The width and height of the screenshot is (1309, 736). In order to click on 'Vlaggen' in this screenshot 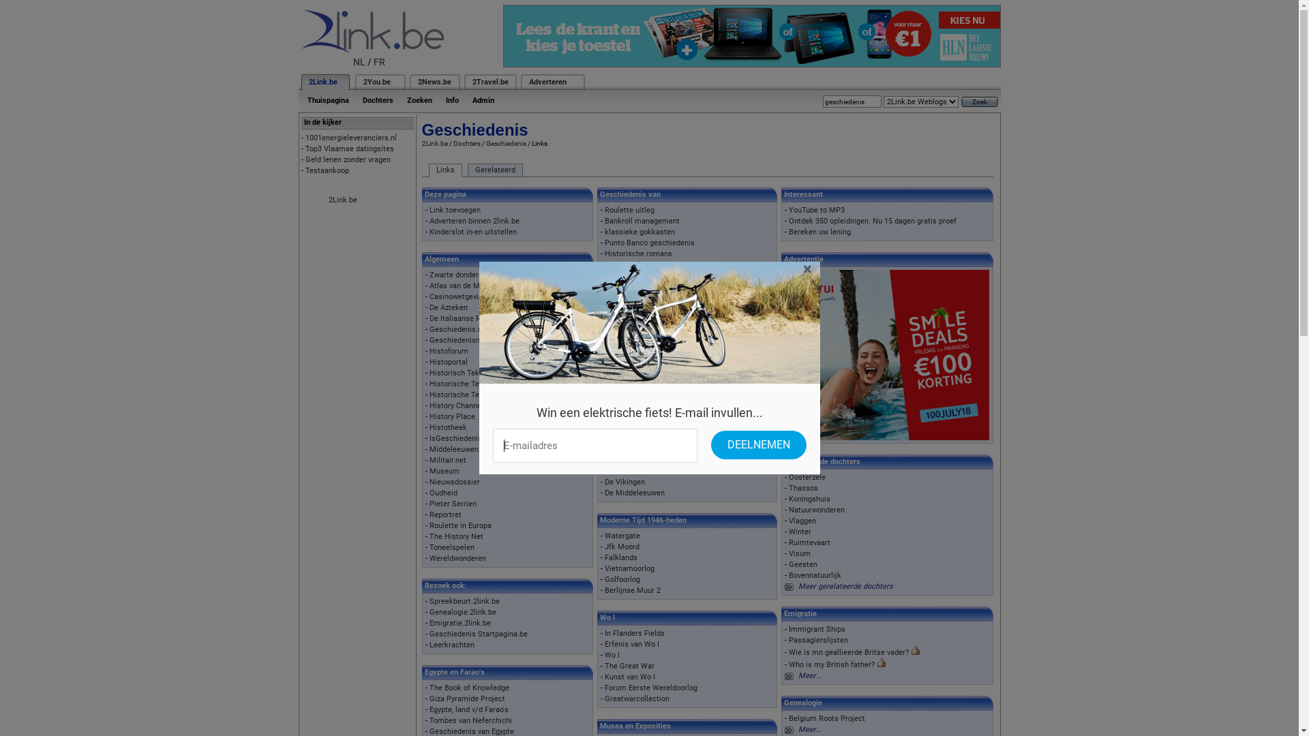, I will do `click(802, 521)`.